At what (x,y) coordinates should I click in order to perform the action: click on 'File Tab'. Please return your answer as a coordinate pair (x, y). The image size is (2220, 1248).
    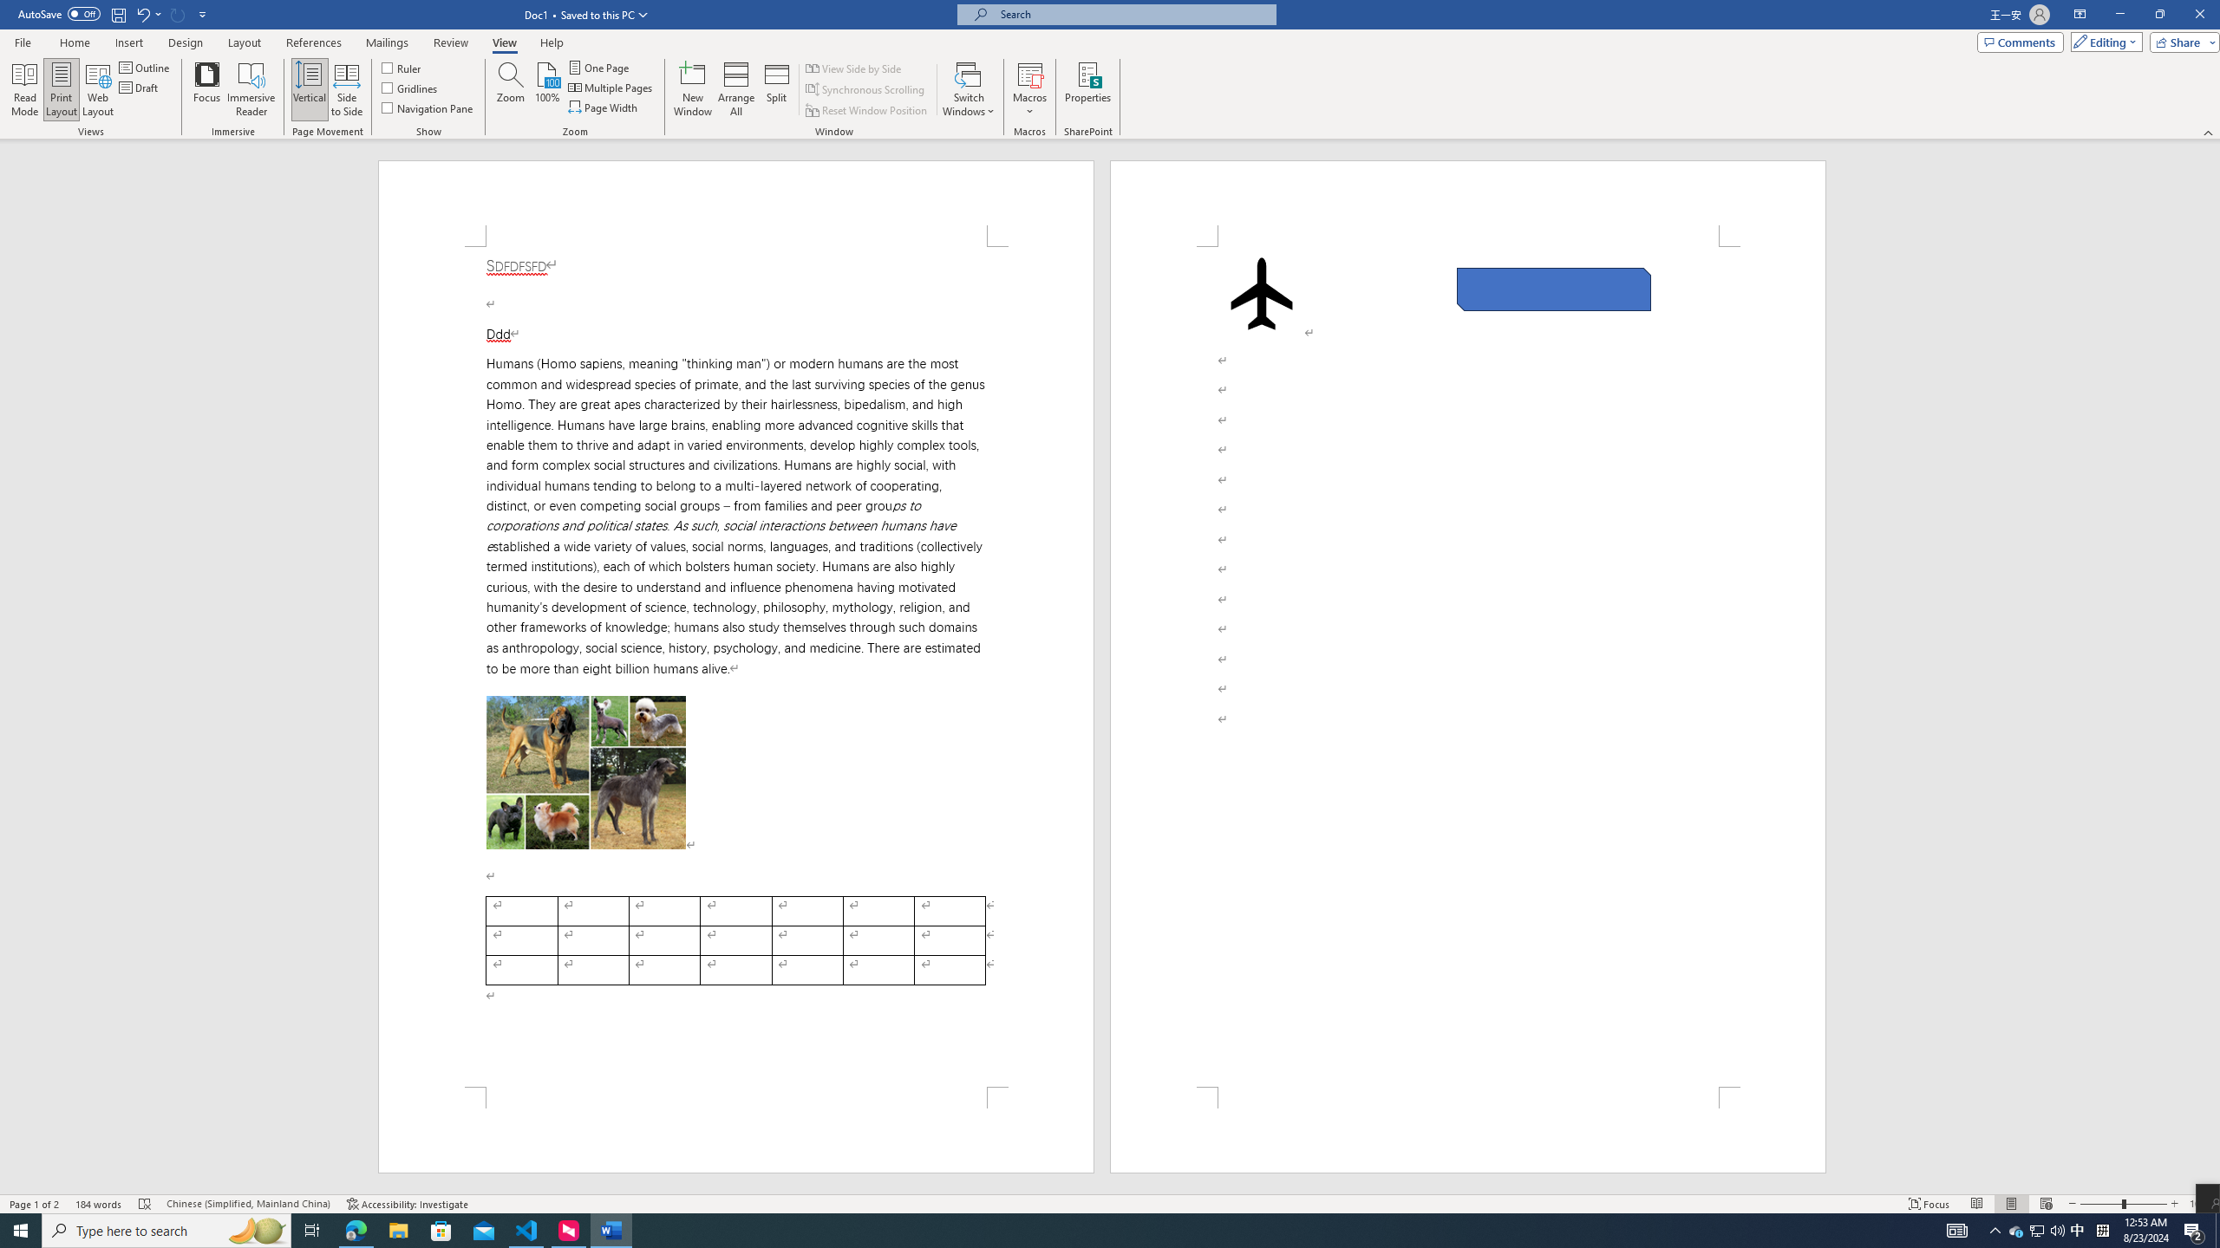
    Looking at the image, I should click on (22, 41).